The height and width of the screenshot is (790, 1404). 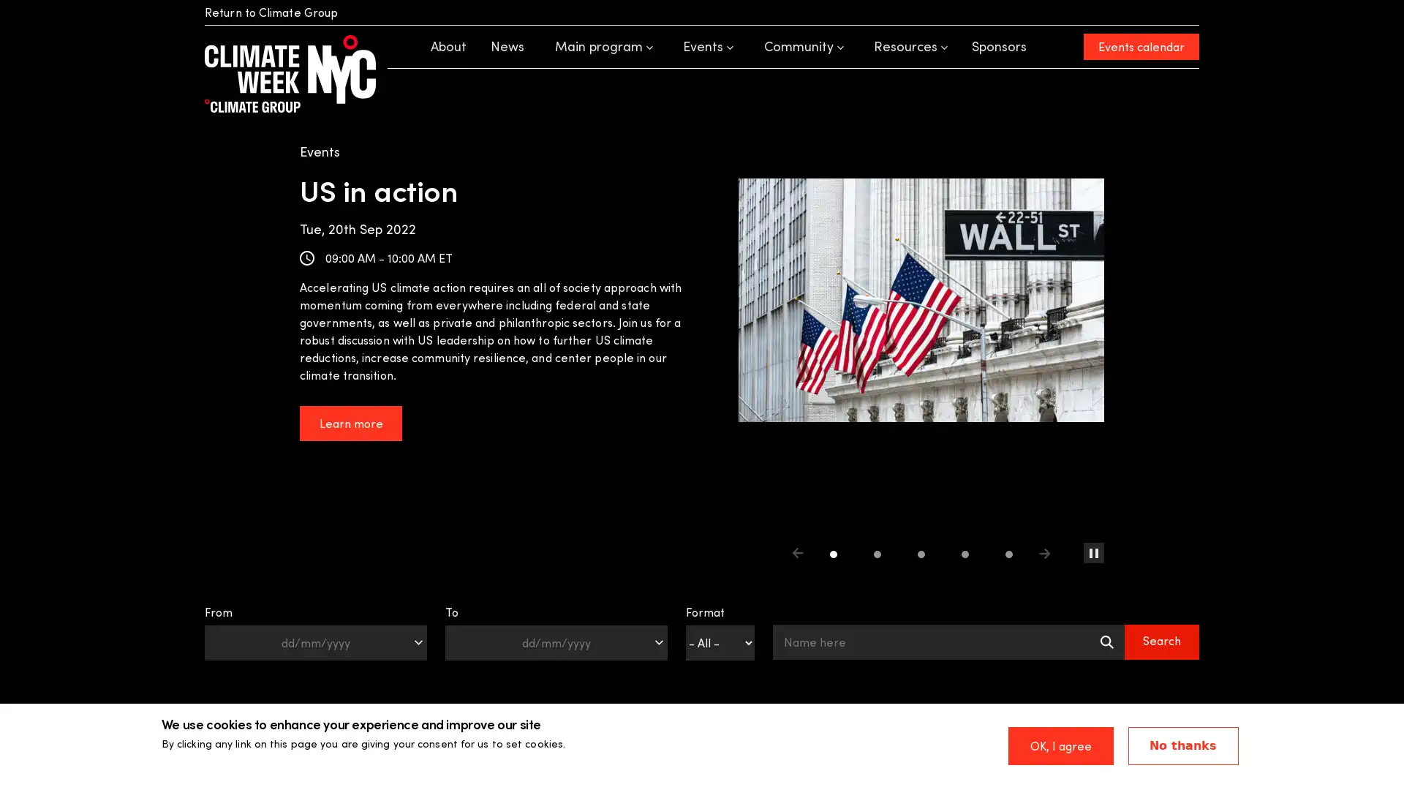 I want to click on No thanks, so click(x=1182, y=745).